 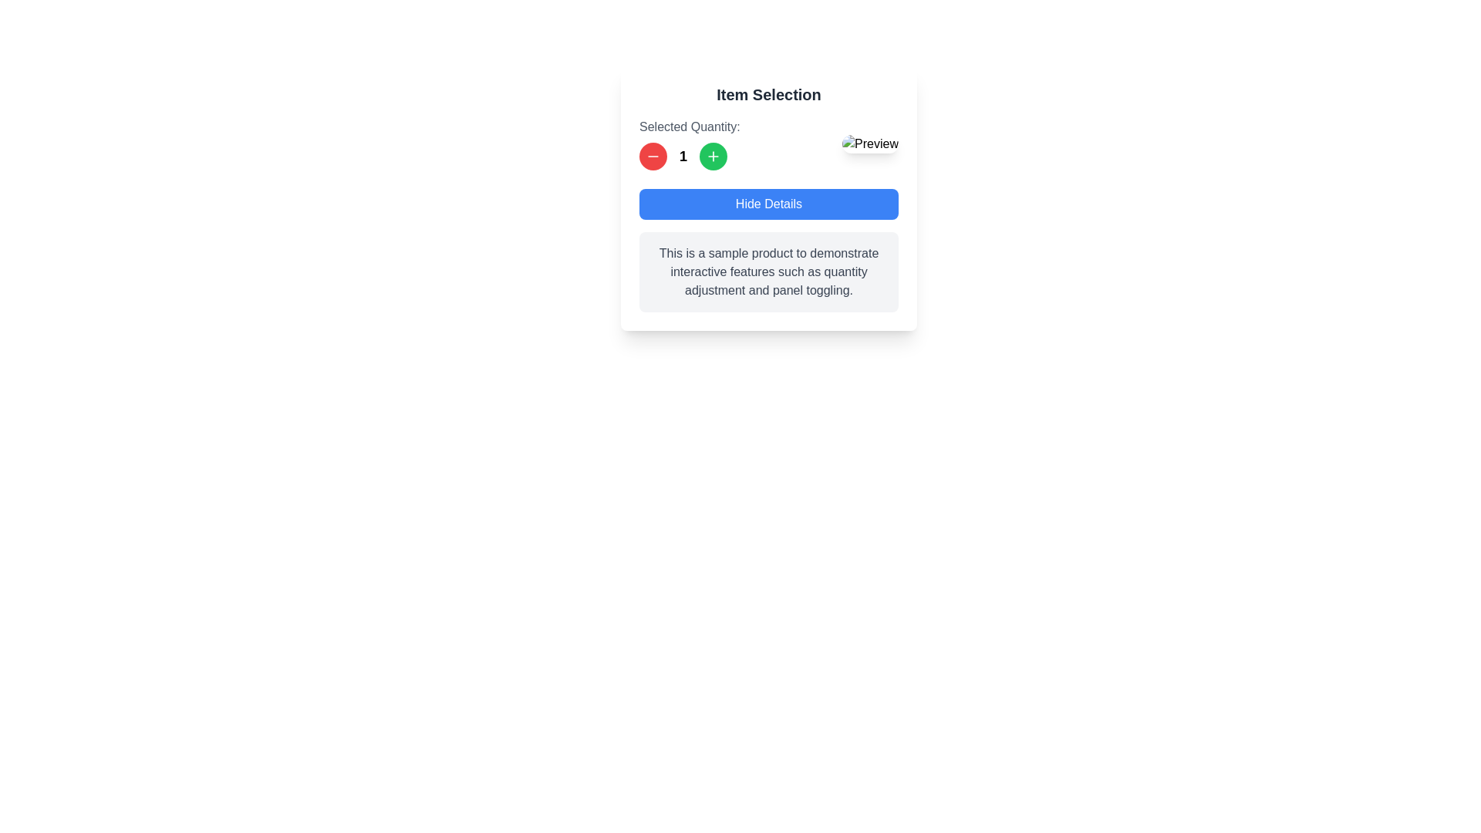 I want to click on the Information panel located within the 'Item Selection' panel, positioned below the 'Hide Details' button, so click(x=769, y=249).